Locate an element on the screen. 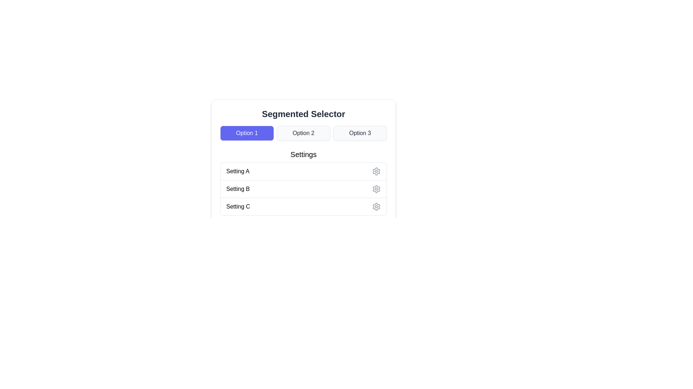  the third button in the segmented control labeled 'Option 3' located below the heading 'Segmented Selector' is located at coordinates (360, 133).